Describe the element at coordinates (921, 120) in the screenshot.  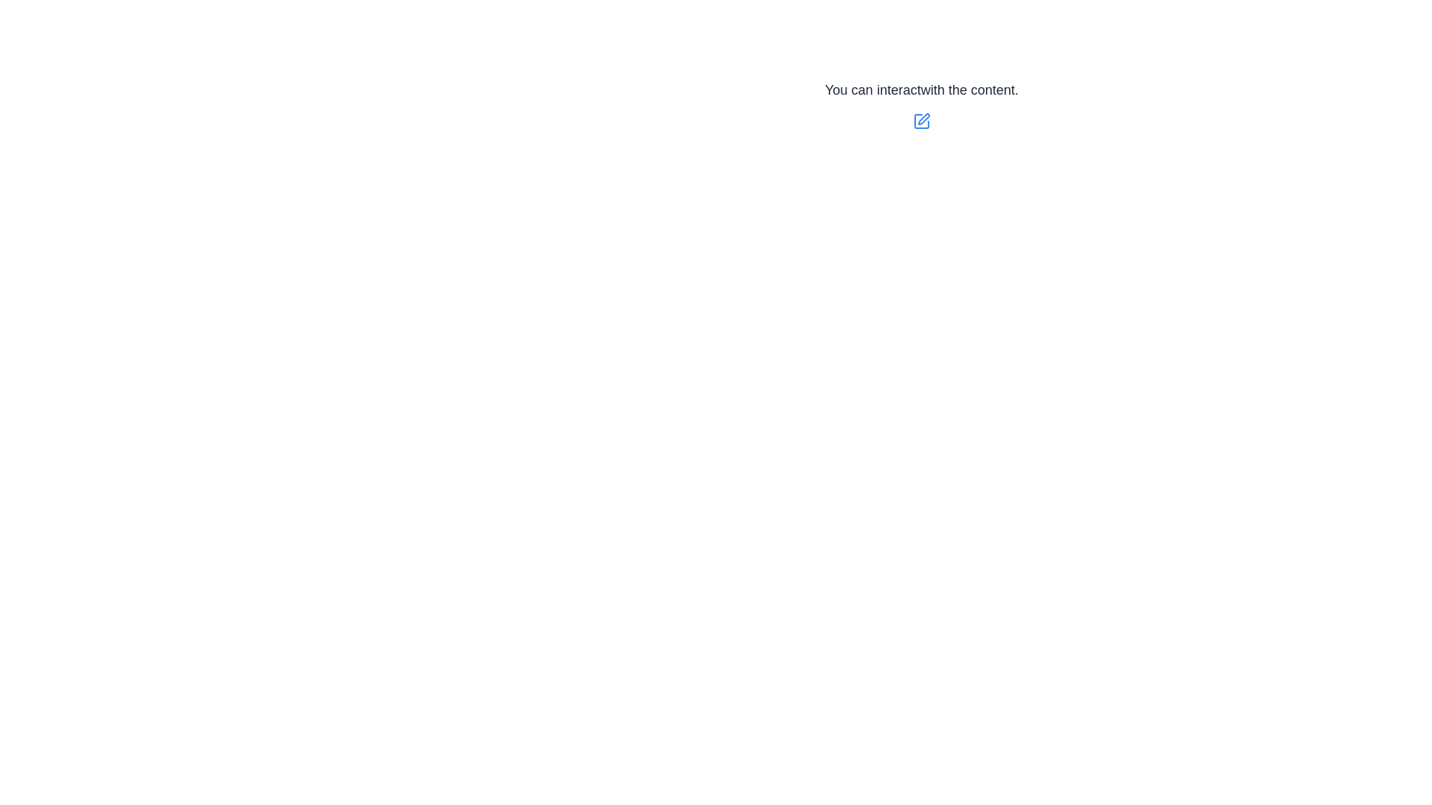
I see `the blue square icon button with a pencil symbol` at that location.